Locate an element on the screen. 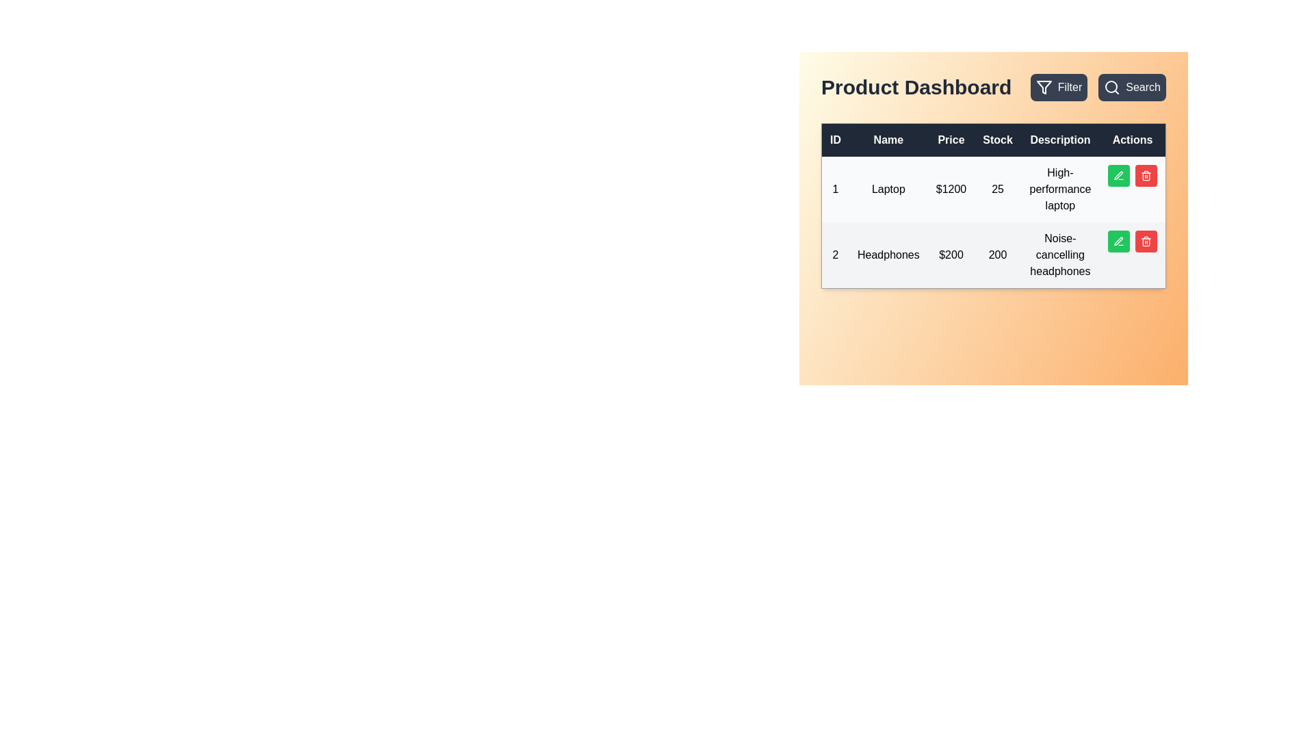 This screenshot has width=1314, height=739. the text within the 'High-performance laptop' text label located in the 'Description' column of the first row in the product data table on the 'Product Dashboard' page is located at coordinates (1059, 190).